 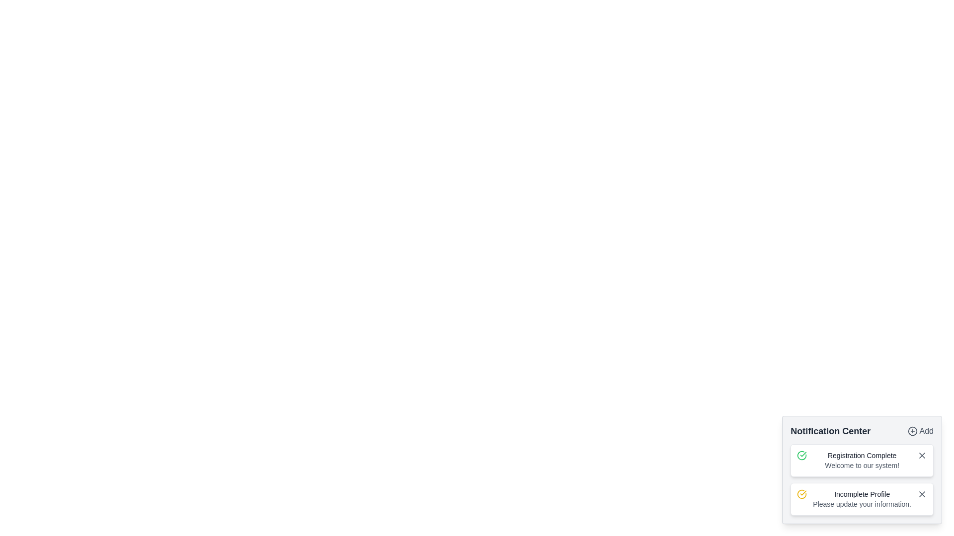 I want to click on the Notification panel that informs the user about their incomplete profile, located in the Notification Center below the Registration Complete notification, so click(x=862, y=499).